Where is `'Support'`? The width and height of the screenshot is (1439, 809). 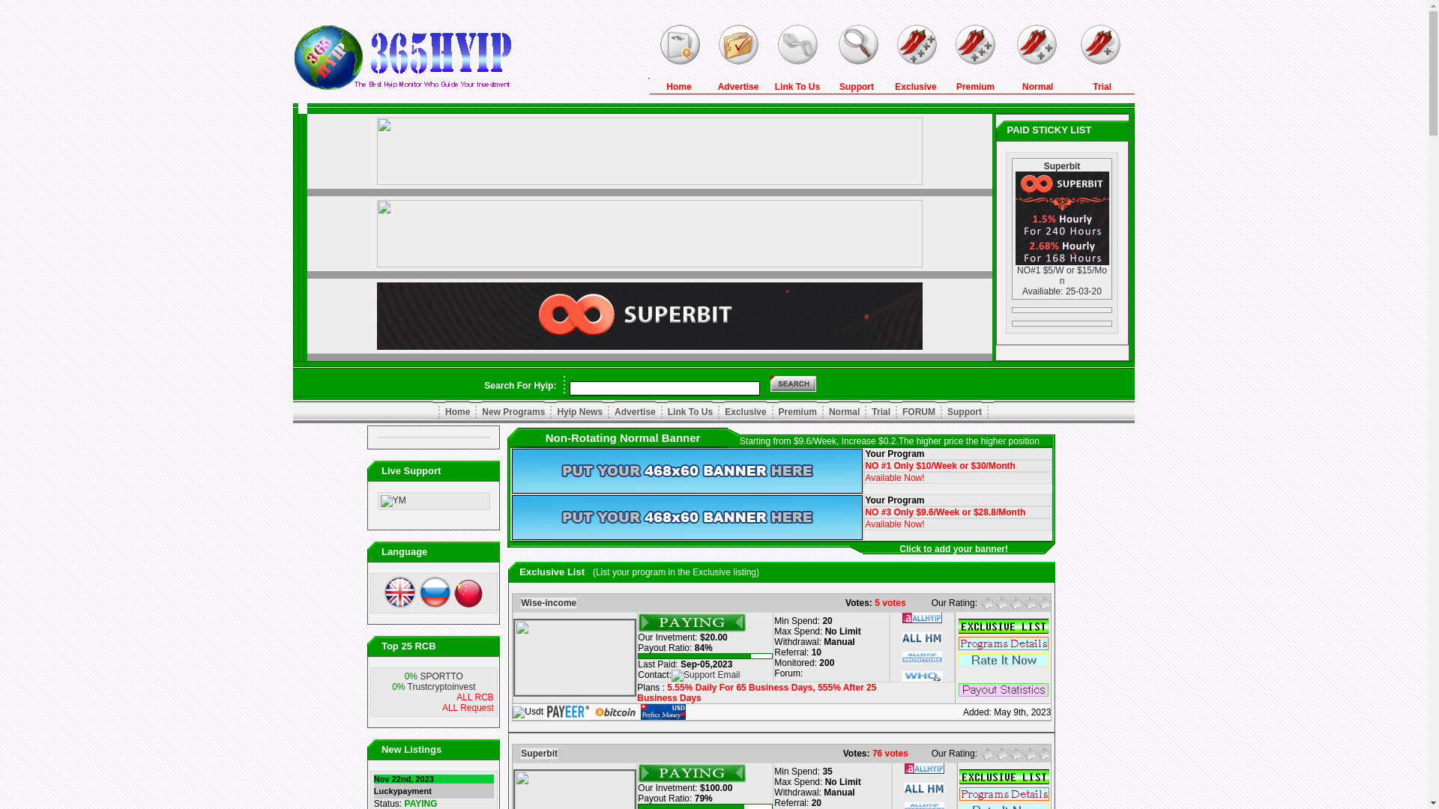 'Support' is located at coordinates (946, 412).